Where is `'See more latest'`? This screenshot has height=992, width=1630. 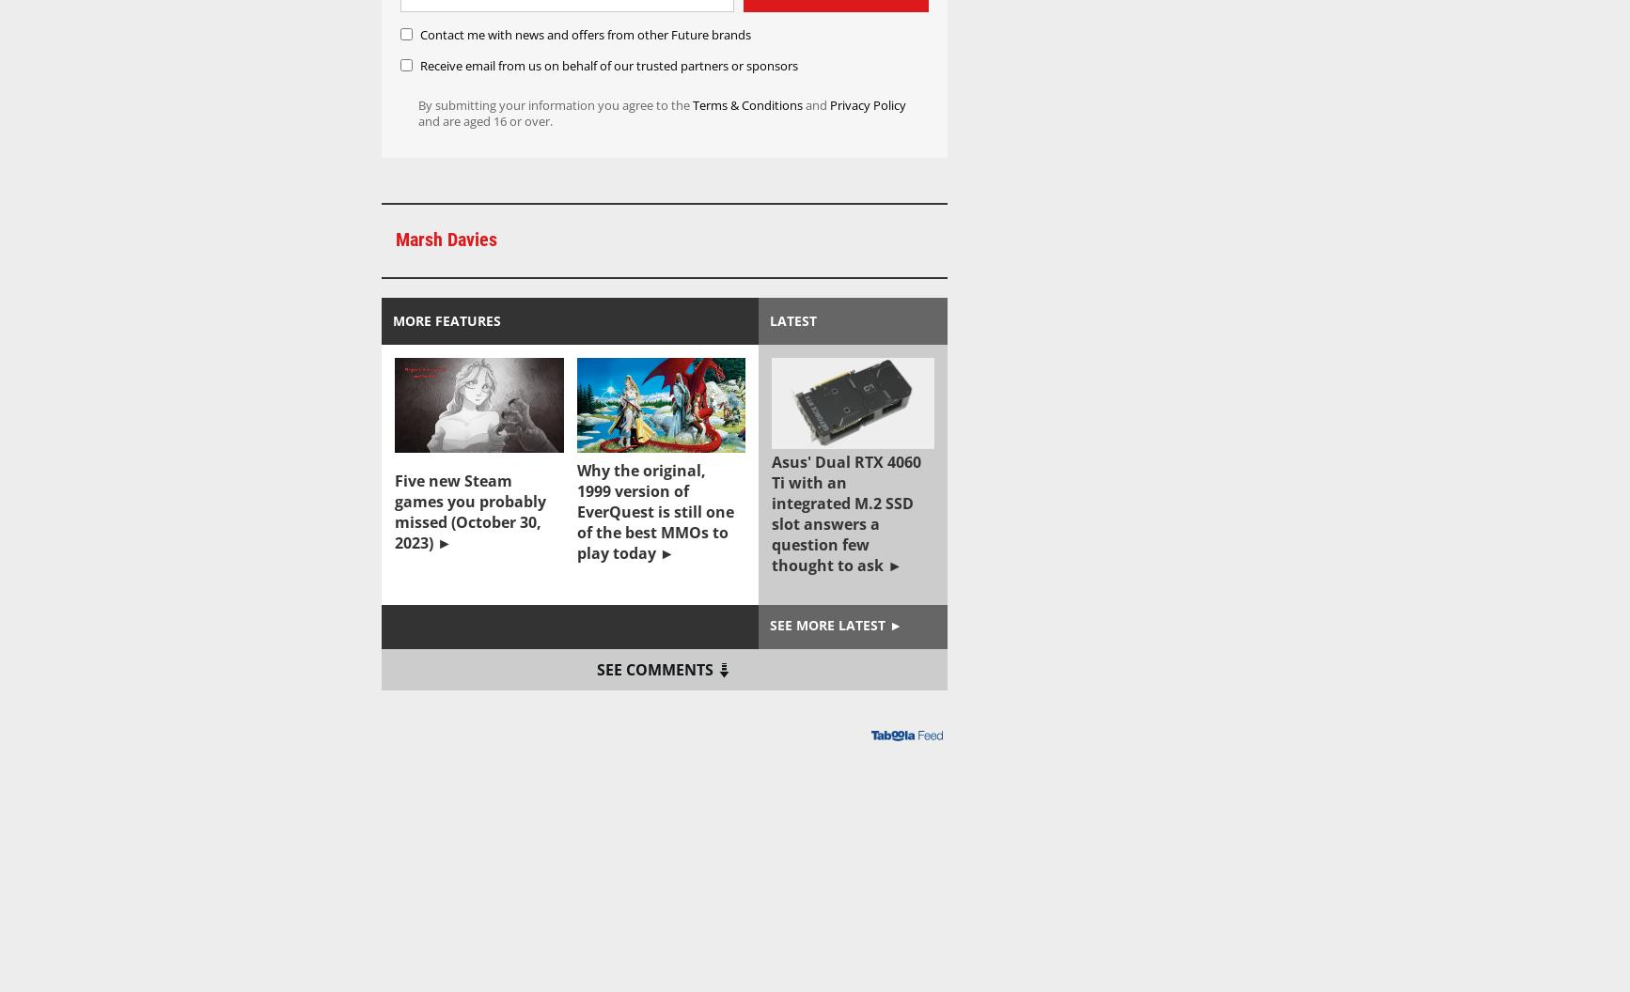 'See more latest' is located at coordinates (827, 625).